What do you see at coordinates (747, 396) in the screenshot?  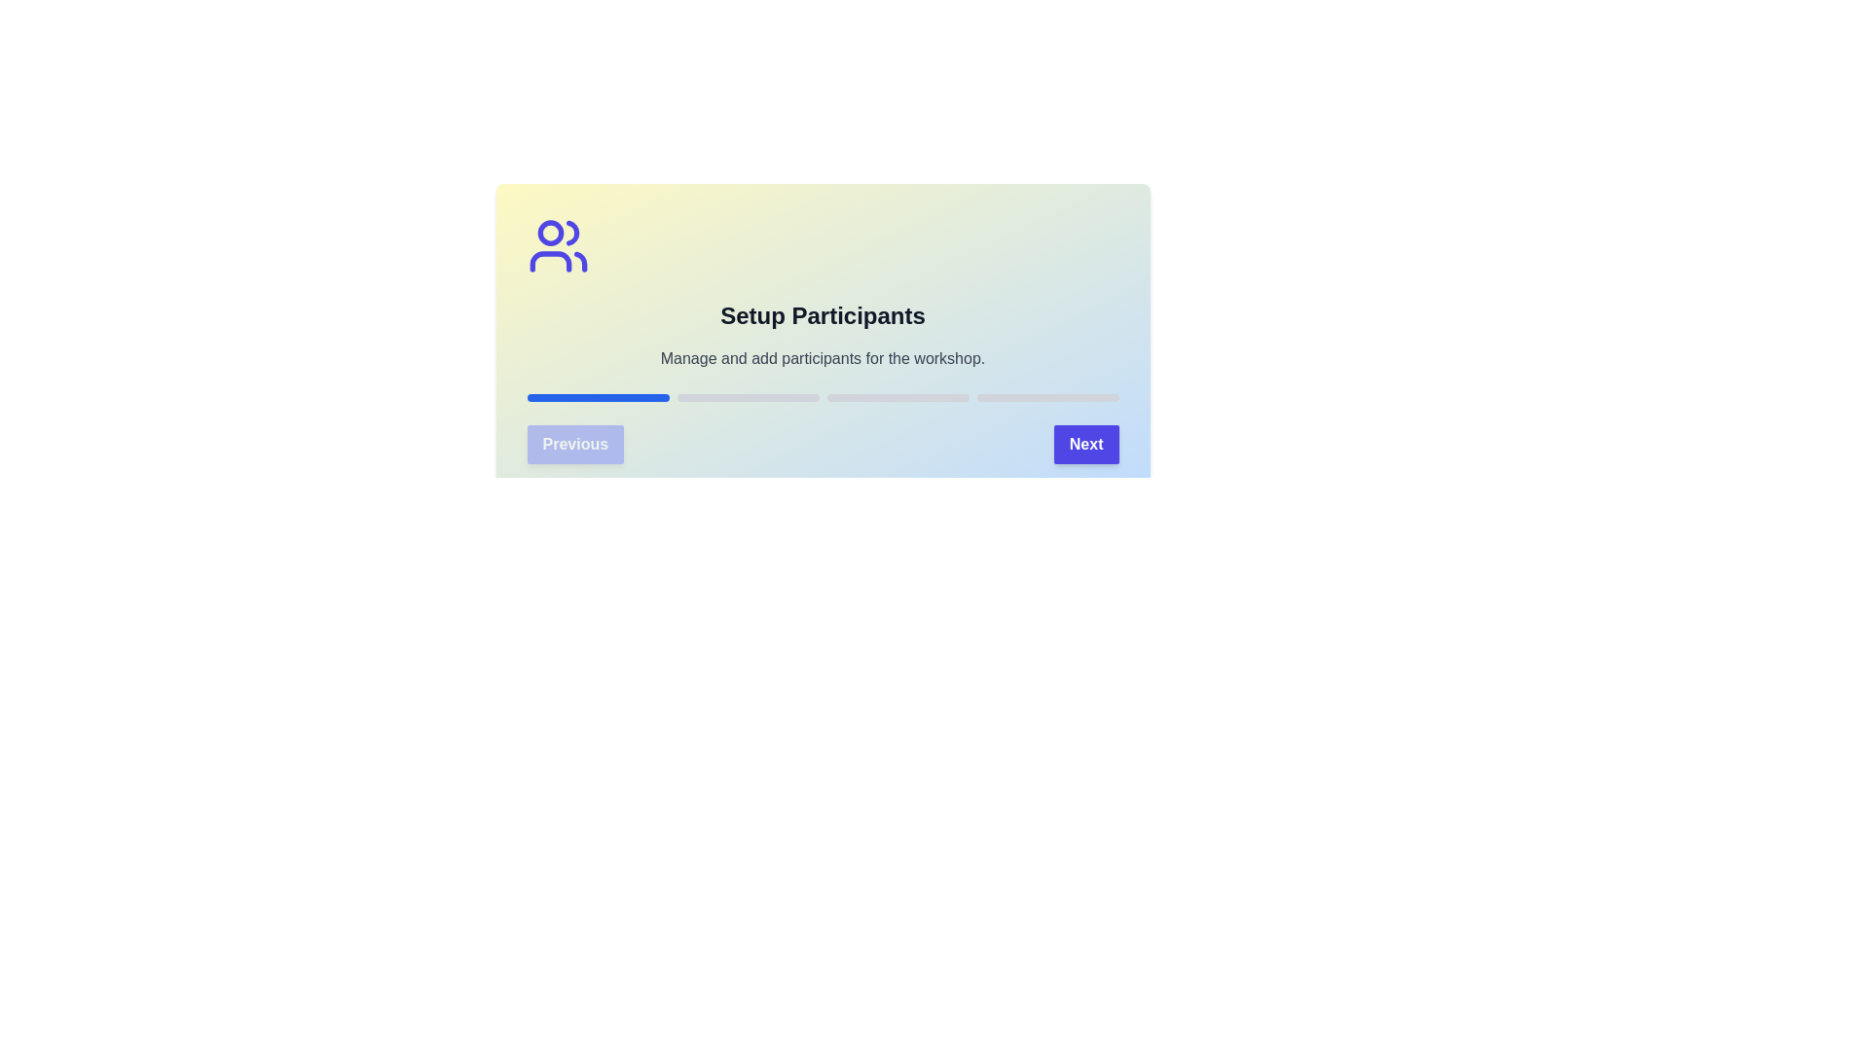 I see `the progress bar segment corresponding to stage 2` at bounding box center [747, 396].